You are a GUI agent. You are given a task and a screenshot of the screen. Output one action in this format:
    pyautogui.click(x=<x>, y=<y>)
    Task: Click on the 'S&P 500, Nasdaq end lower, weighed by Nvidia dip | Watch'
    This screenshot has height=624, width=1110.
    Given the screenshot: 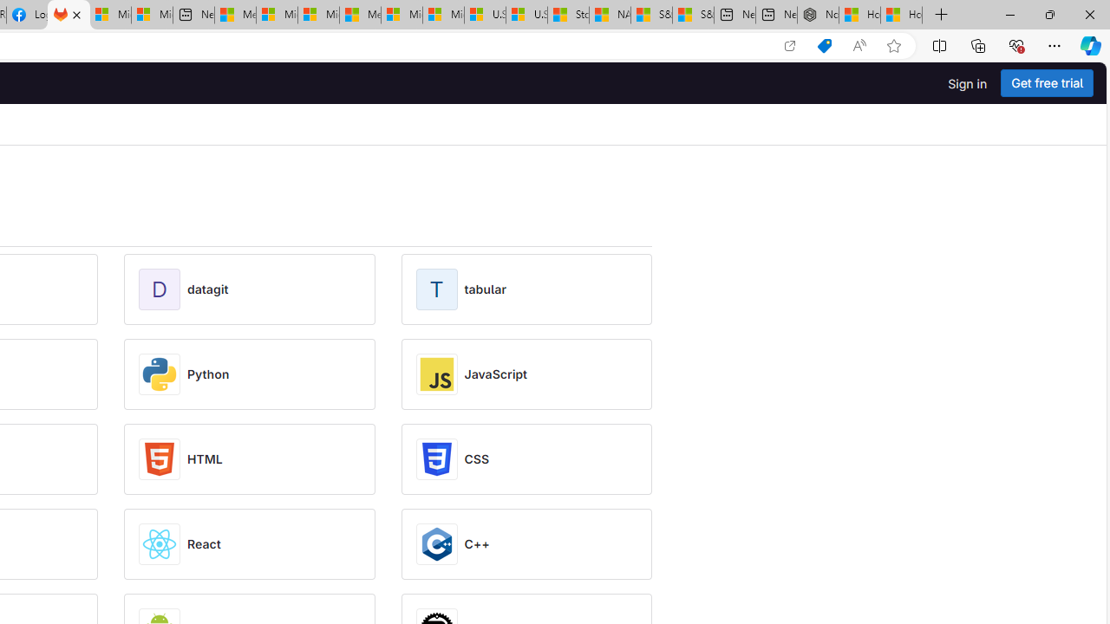 What is the action you would take?
    pyautogui.click(x=692, y=15)
    